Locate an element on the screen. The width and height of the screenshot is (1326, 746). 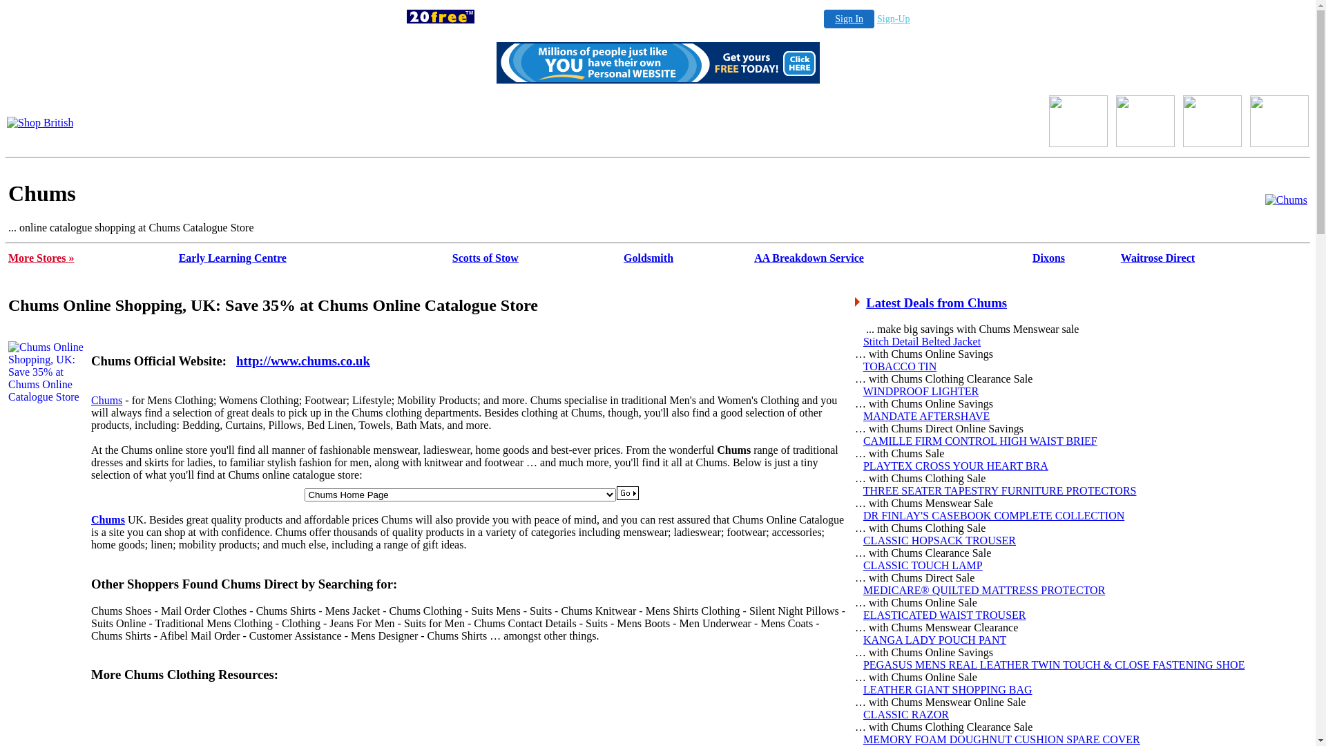
'Latest Deals from Chums' is located at coordinates (936, 302).